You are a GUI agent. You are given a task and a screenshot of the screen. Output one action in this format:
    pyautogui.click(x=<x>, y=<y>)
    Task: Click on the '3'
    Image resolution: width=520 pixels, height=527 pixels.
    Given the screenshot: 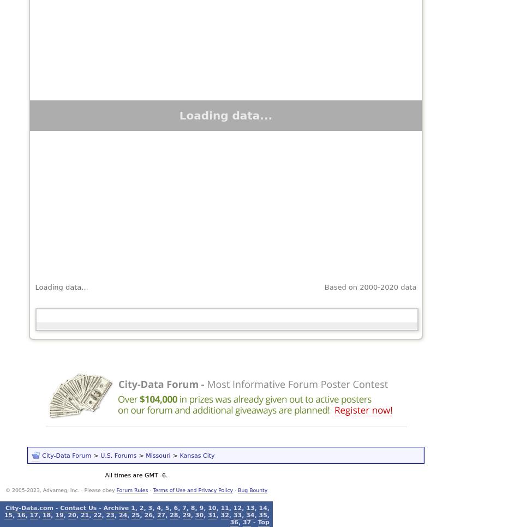 What is the action you would take?
    pyautogui.click(x=150, y=507)
    